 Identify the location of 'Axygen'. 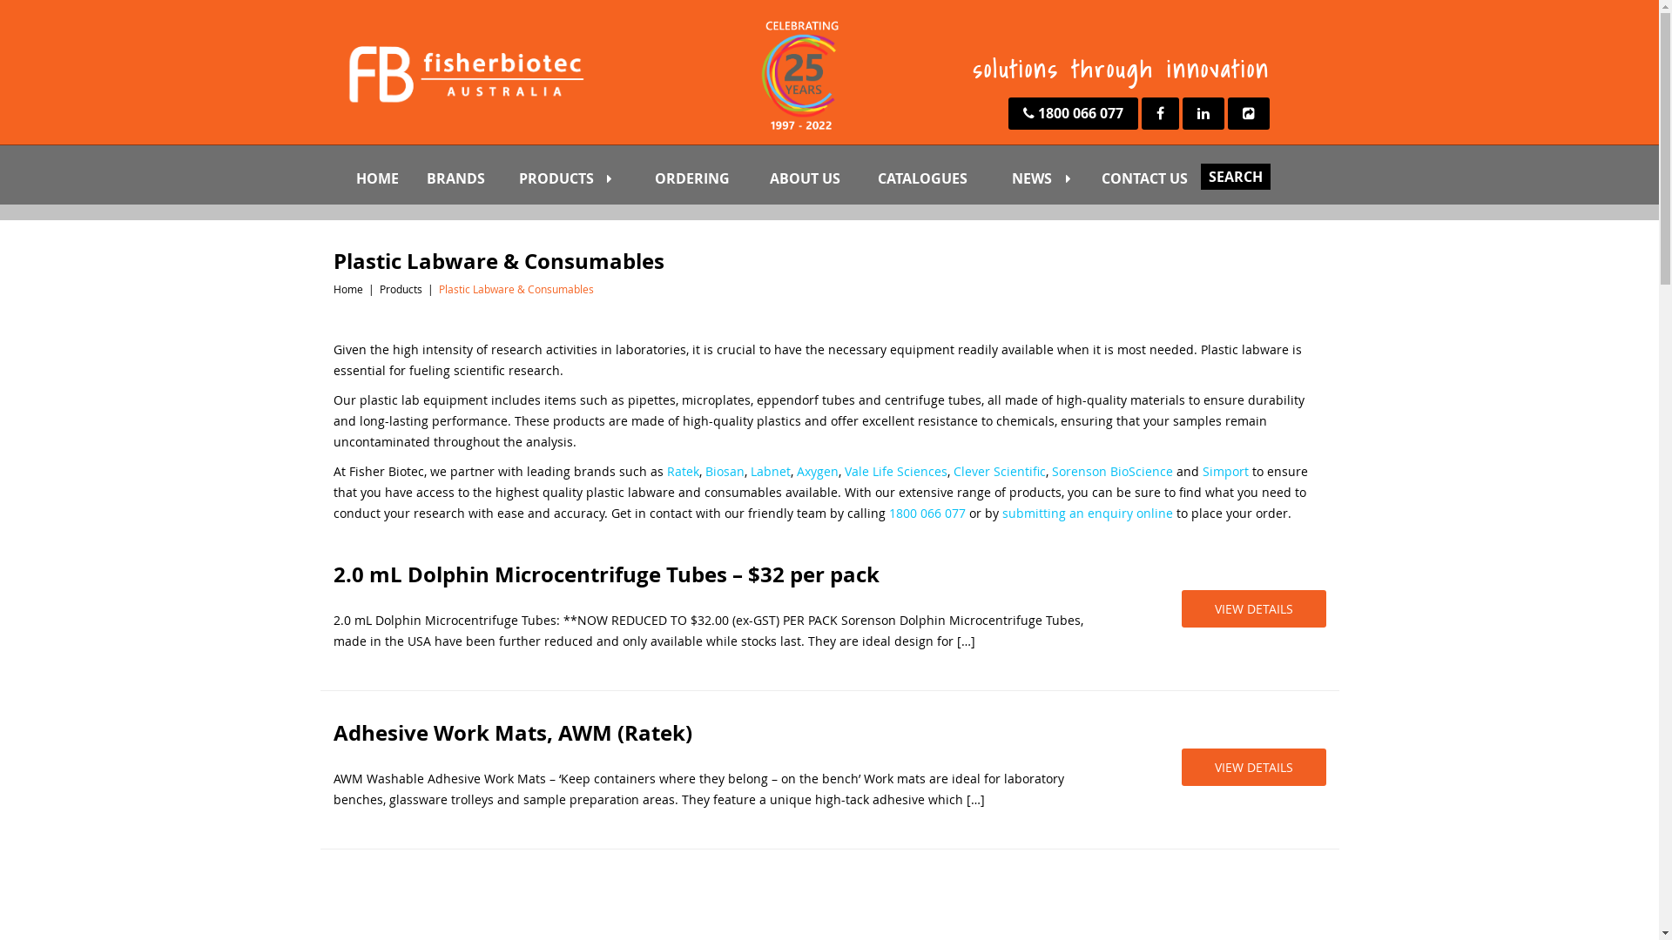
(815, 471).